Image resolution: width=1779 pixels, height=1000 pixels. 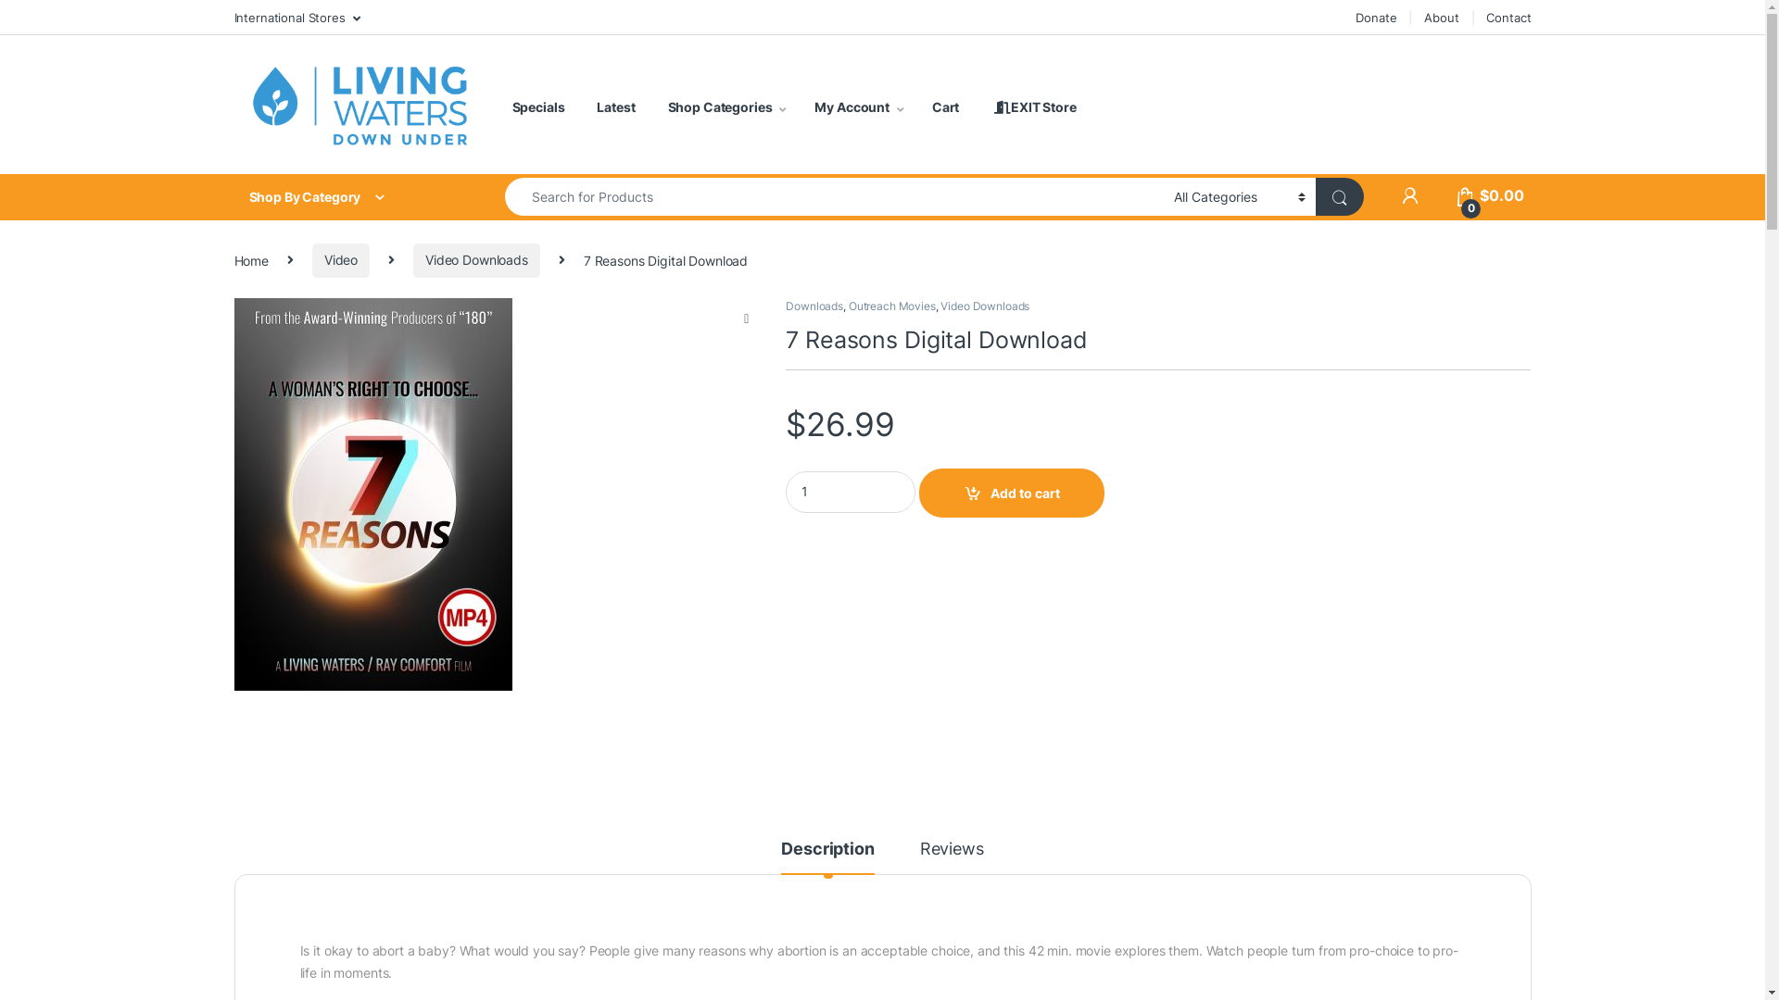 I want to click on '0, so click(x=1489, y=196).